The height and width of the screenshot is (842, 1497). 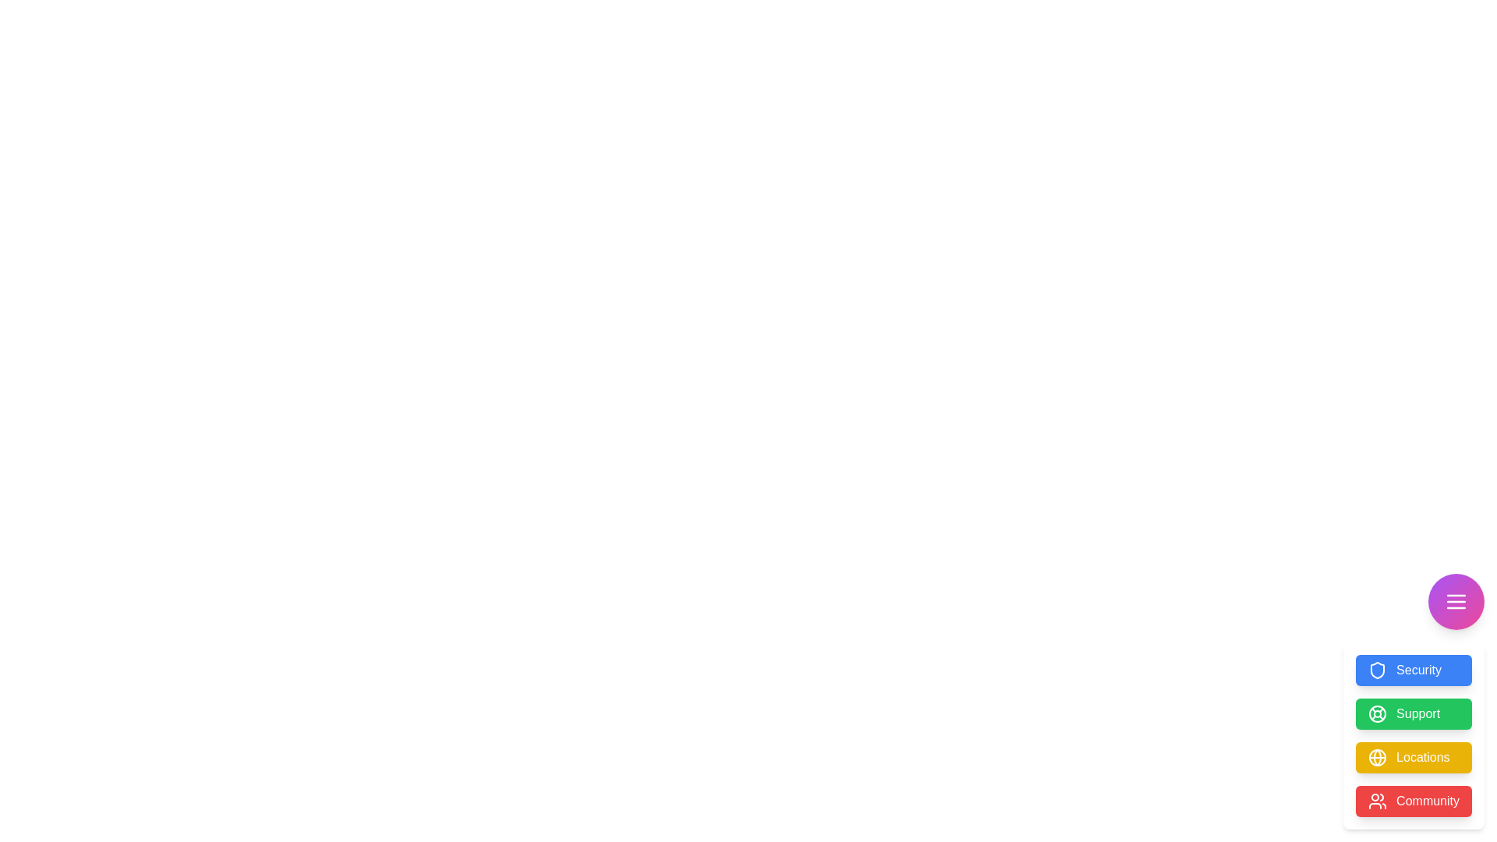 What do you see at coordinates (1414, 670) in the screenshot?
I see `the security feature button located in the bottom-right corner of the interface, above the green 'Support' button` at bounding box center [1414, 670].